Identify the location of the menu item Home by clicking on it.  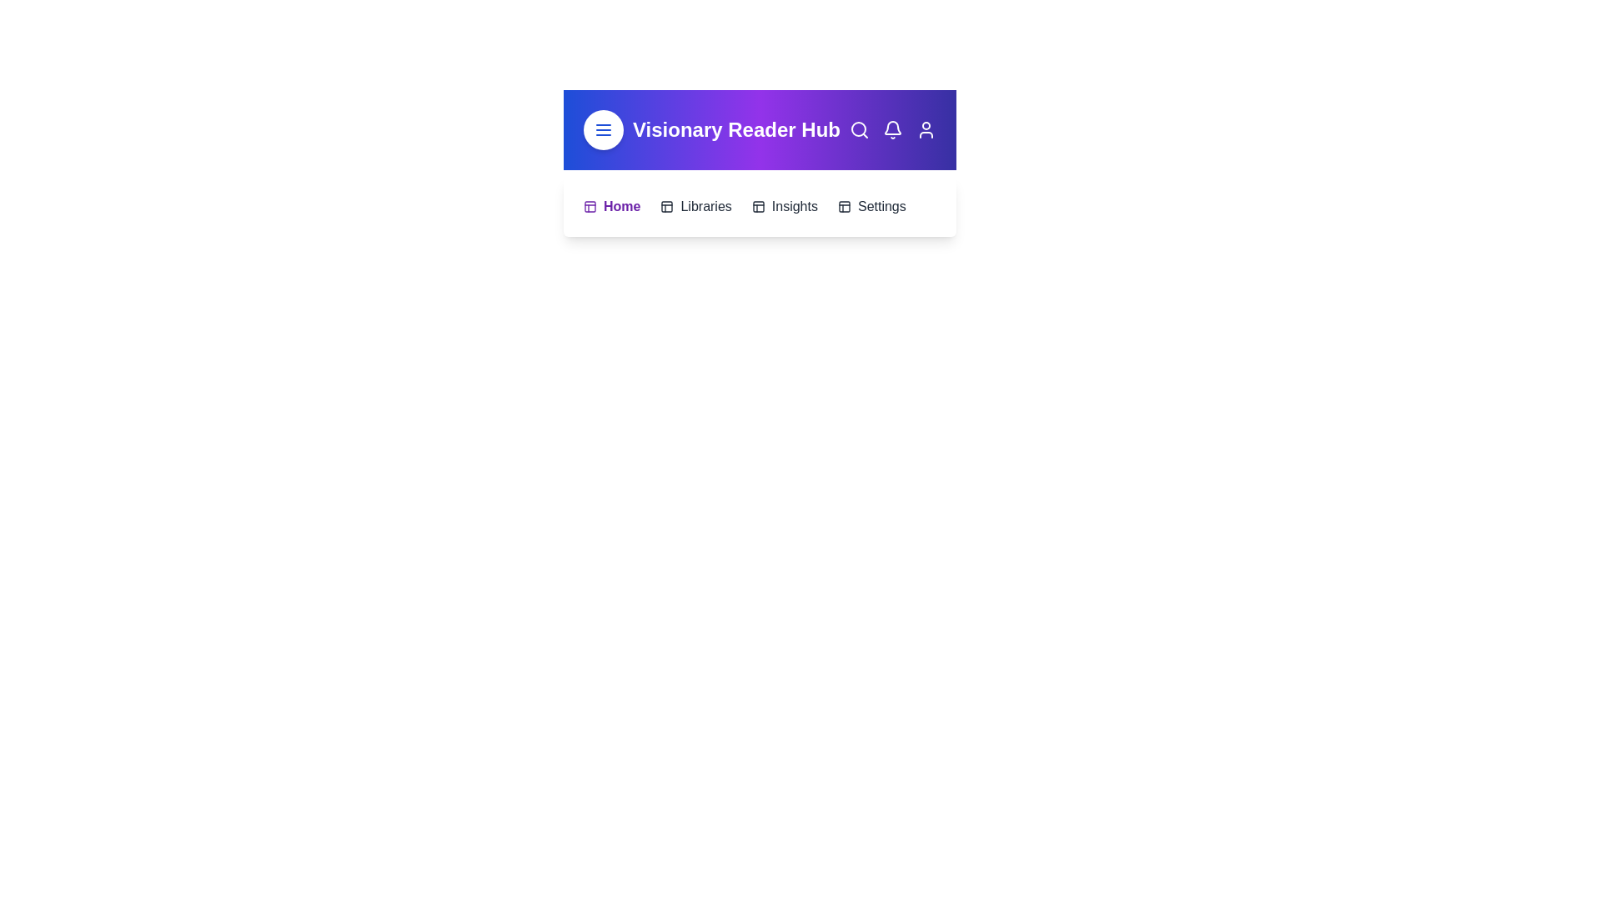
(611, 205).